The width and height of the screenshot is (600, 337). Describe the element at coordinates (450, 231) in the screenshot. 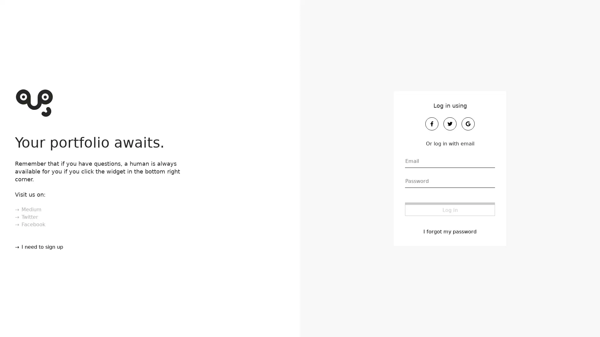

I see `I forgot my password` at that location.